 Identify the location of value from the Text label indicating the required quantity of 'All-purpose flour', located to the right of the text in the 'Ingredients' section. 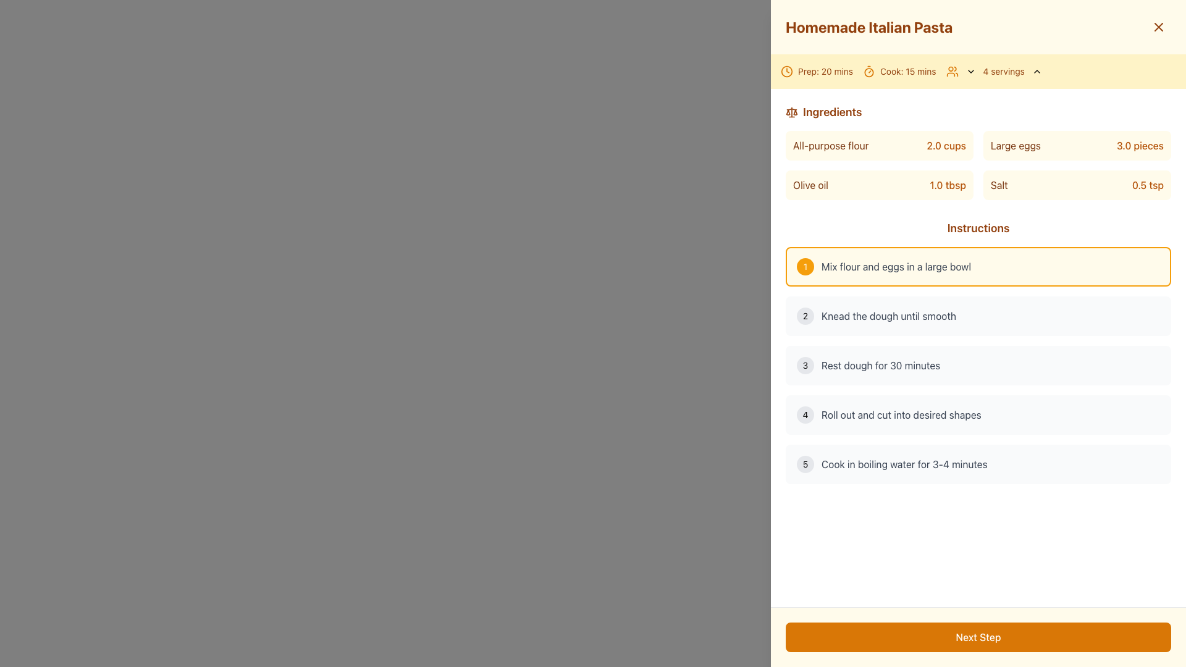
(946, 145).